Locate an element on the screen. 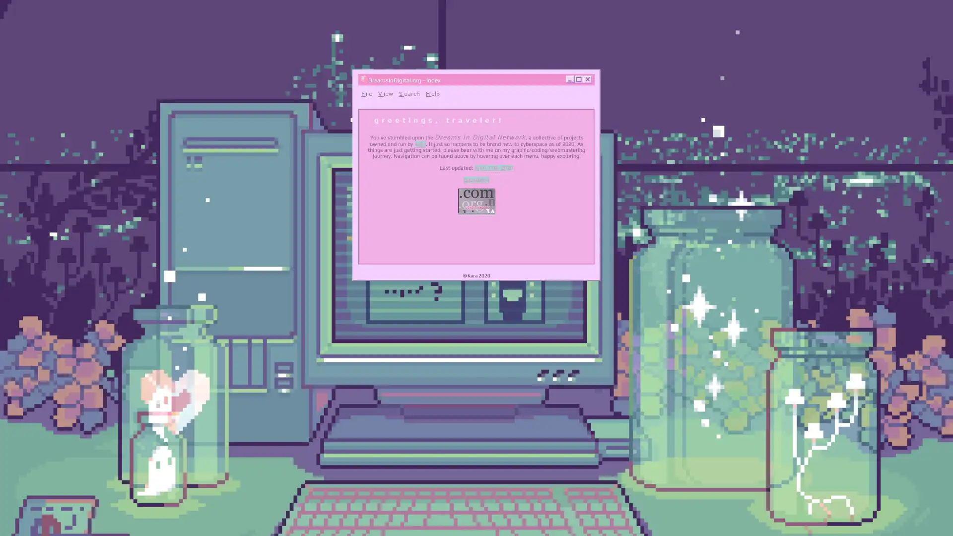 This screenshot has height=536, width=953. Search is located at coordinates (409, 94).